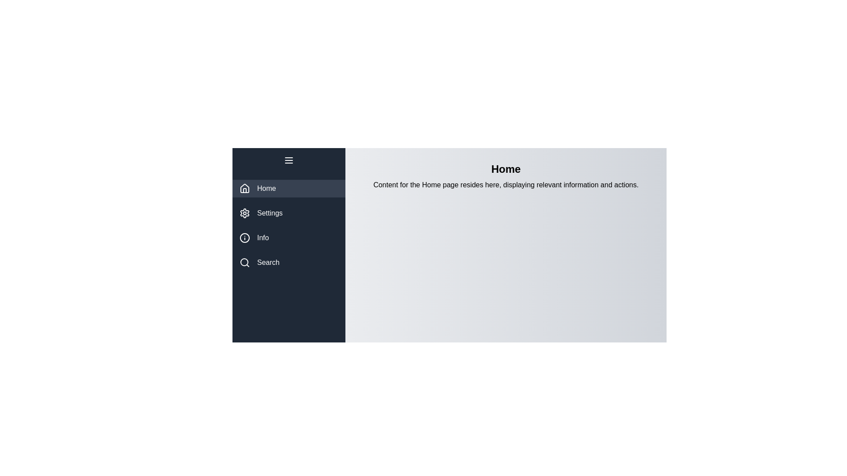 Image resolution: width=847 pixels, height=476 pixels. Describe the element at coordinates (289, 238) in the screenshot. I see `the tab Info from the menu` at that location.